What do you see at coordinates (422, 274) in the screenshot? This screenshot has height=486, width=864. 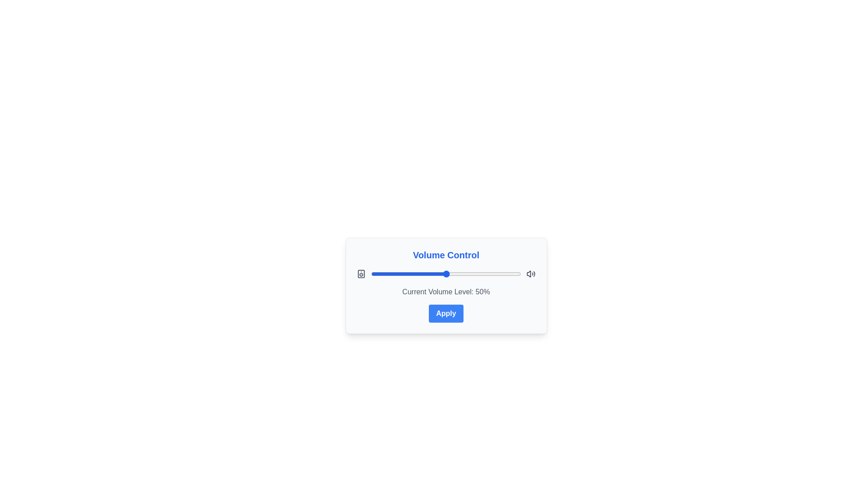 I see `the volume level` at bounding box center [422, 274].